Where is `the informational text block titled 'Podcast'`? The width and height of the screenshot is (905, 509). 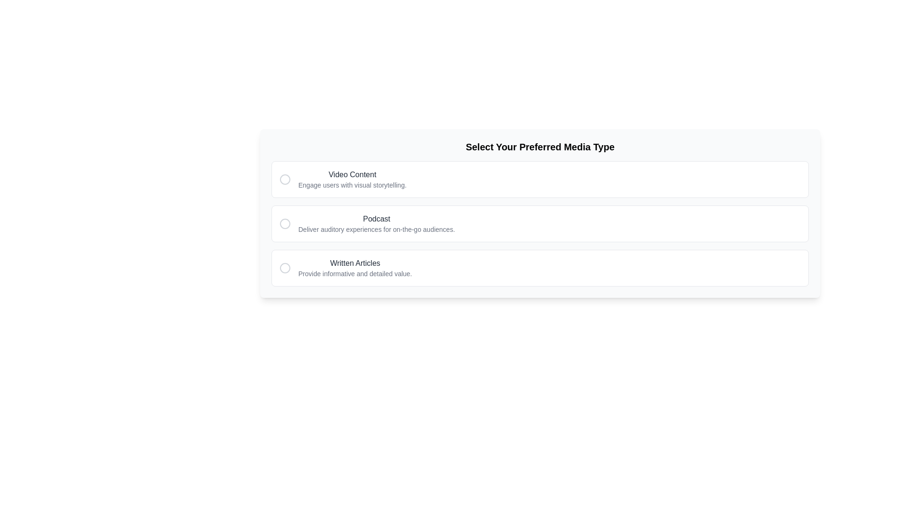
the informational text block titled 'Podcast' is located at coordinates (376, 223).